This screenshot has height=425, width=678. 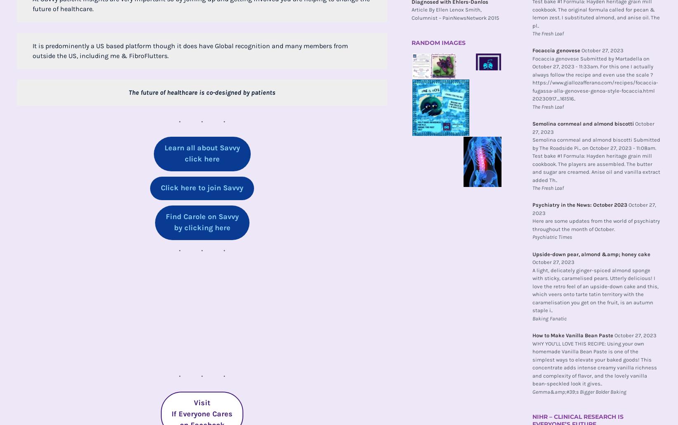 What do you see at coordinates (595, 78) in the screenshot?
I see `'Focaccia genovese Submitted by Martadella on October 27, 2023 - 11:33am. For this one I actually always follow the recipe and even use the scale ? https://www.giallozafferano.com/recipes/focaccia-fugassa-alla-genovese-genoa-style-focaccia.html 20230917_161516..'` at bounding box center [595, 78].